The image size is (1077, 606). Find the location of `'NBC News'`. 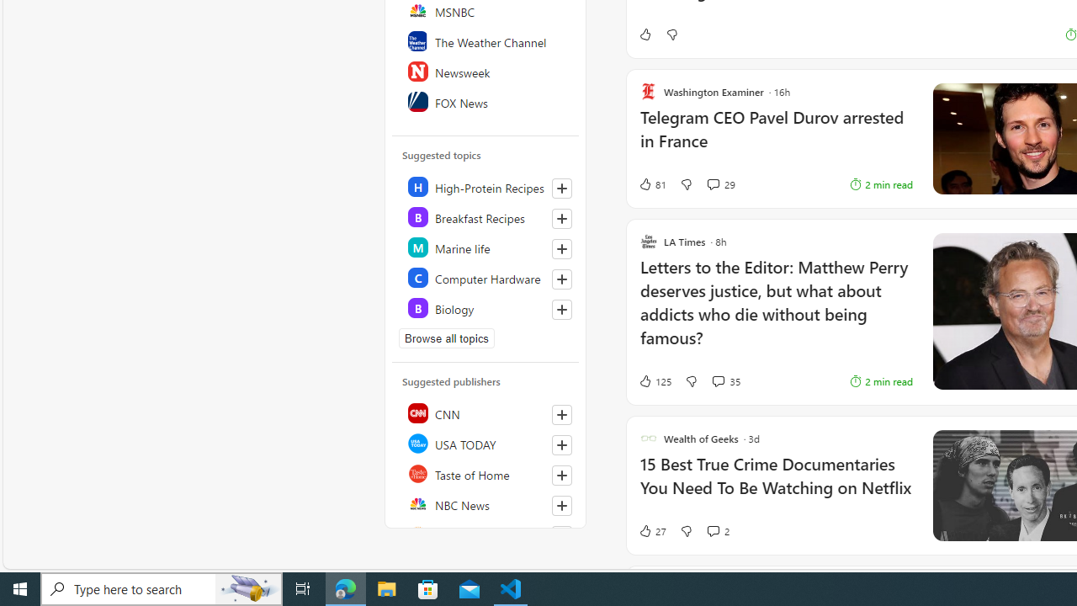

'NBC News' is located at coordinates (485, 503).